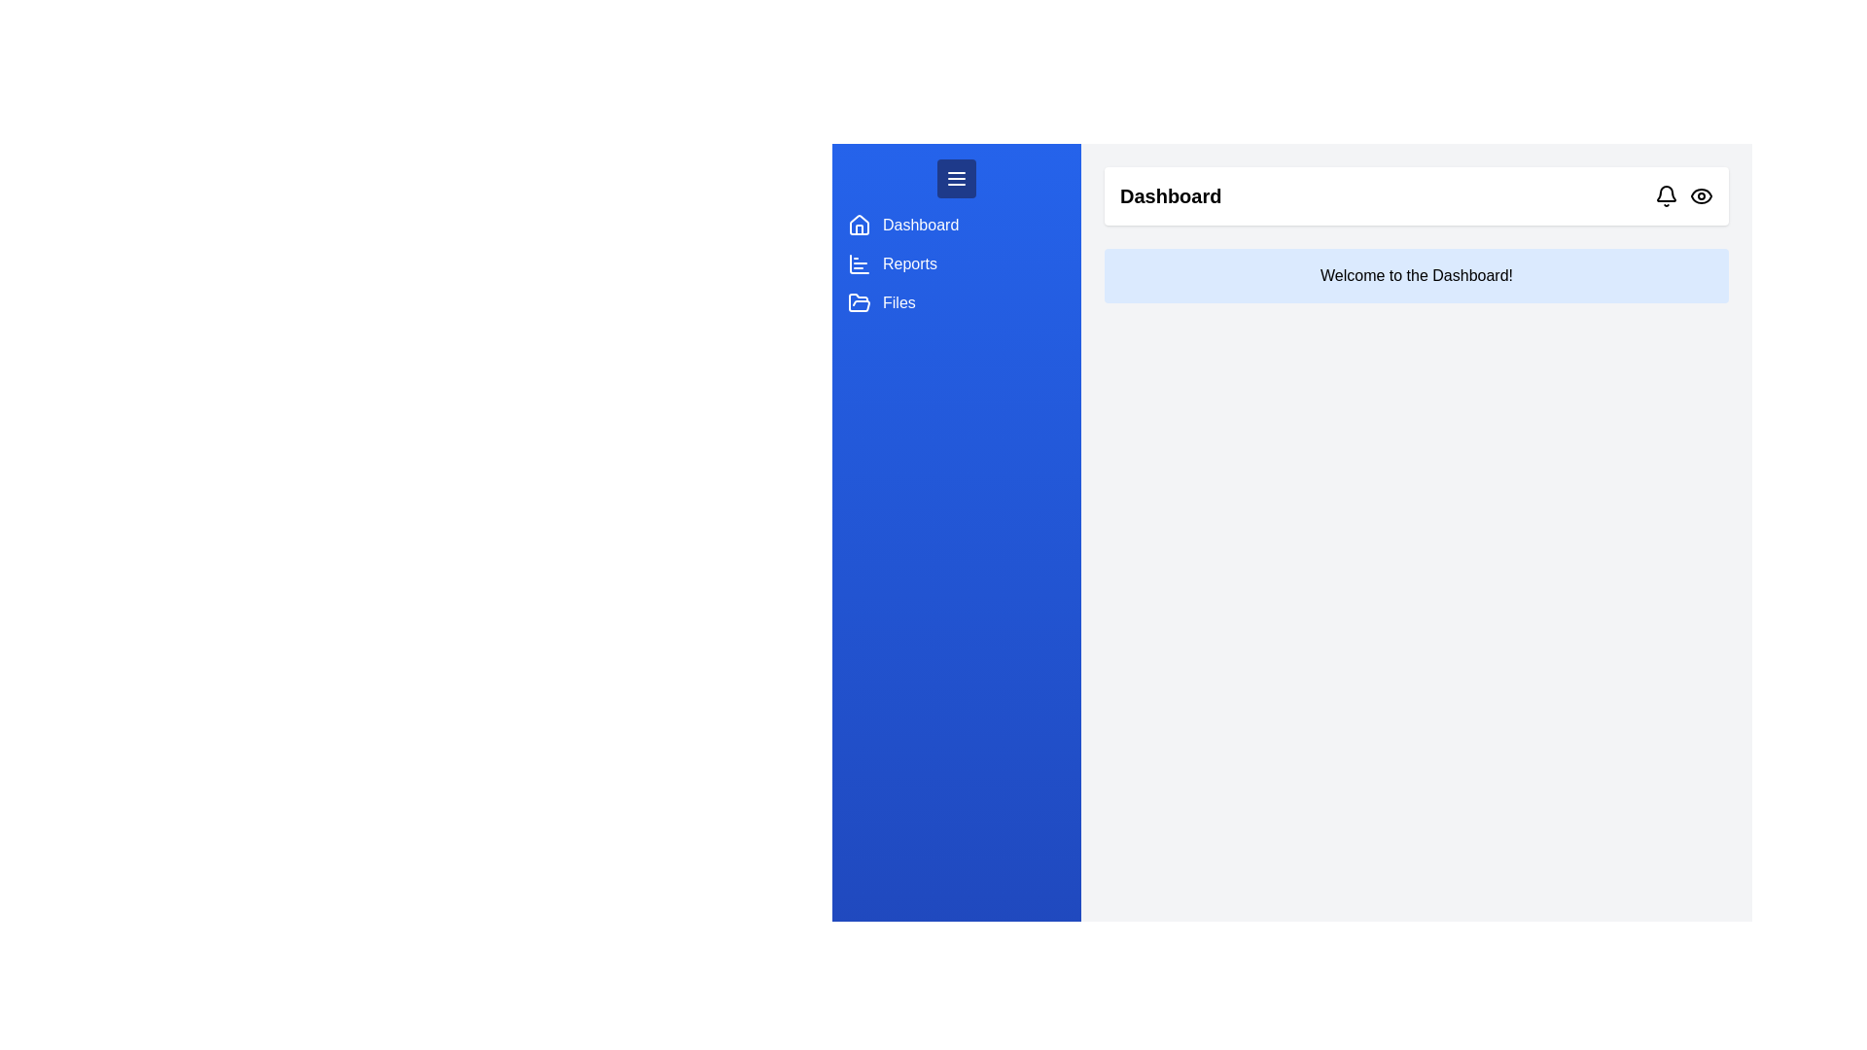  What do you see at coordinates (1665, 195) in the screenshot?
I see `the bell icon button styled as an outline located at the top-right corner of the content section` at bounding box center [1665, 195].